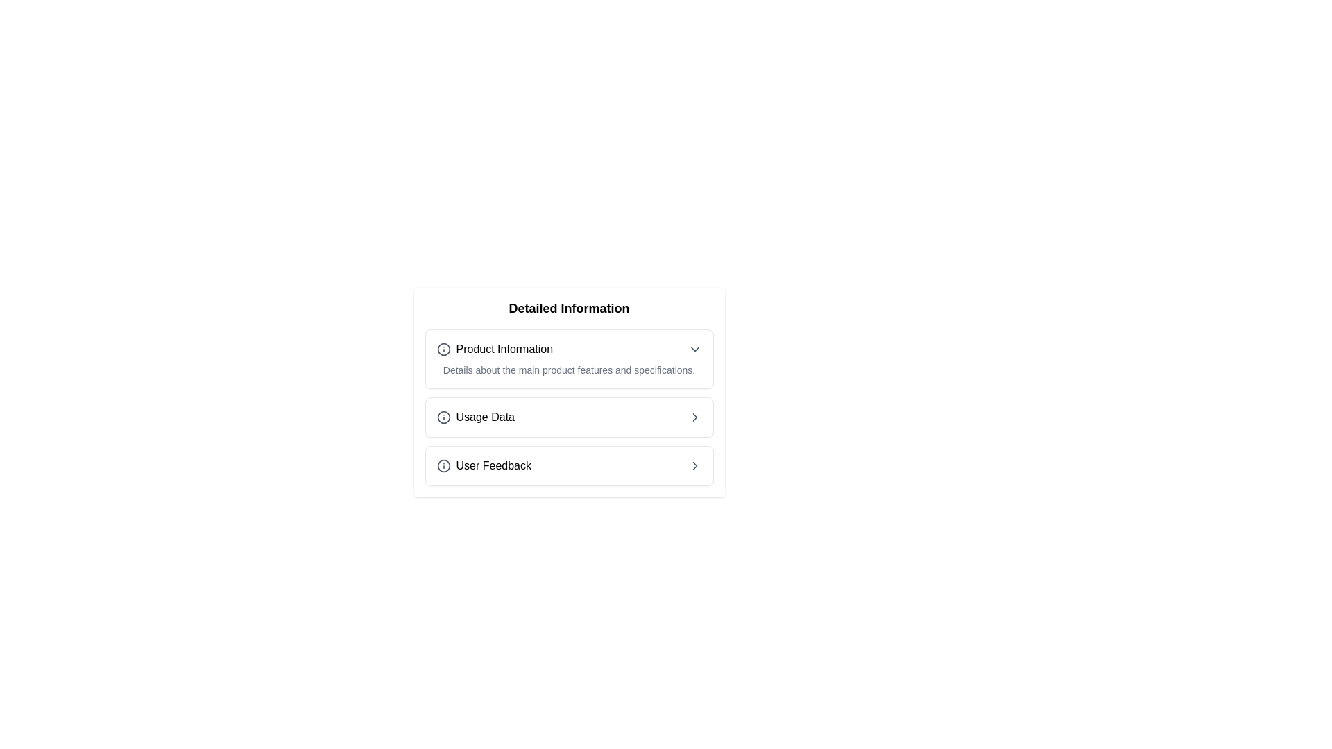 Image resolution: width=1332 pixels, height=749 pixels. What do you see at coordinates (495, 349) in the screenshot?
I see `the Label with icon in the upper section of the 'Detailed Information' panel, which is the first item and contains a 'chevron down' icon on the far right` at bounding box center [495, 349].